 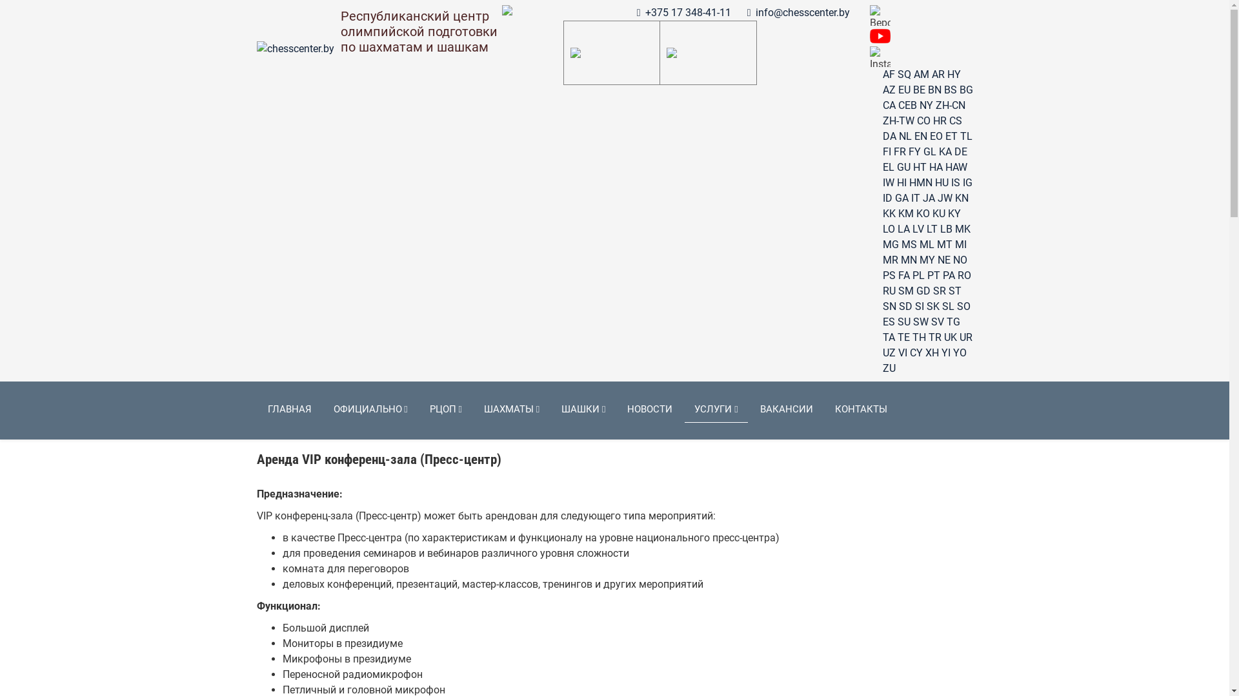 What do you see at coordinates (898, 151) in the screenshot?
I see `'FR'` at bounding box center [898, 151].